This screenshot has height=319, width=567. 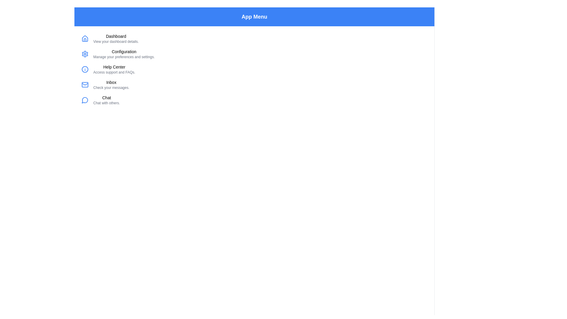 I want to click on informational text label that describes the purpose of the 'Chat' section in the navigation menu, located below the 'Chat' label and above the 'Inbox' in the left-aligned vertical navigation menu, so click(x=106, y=102).